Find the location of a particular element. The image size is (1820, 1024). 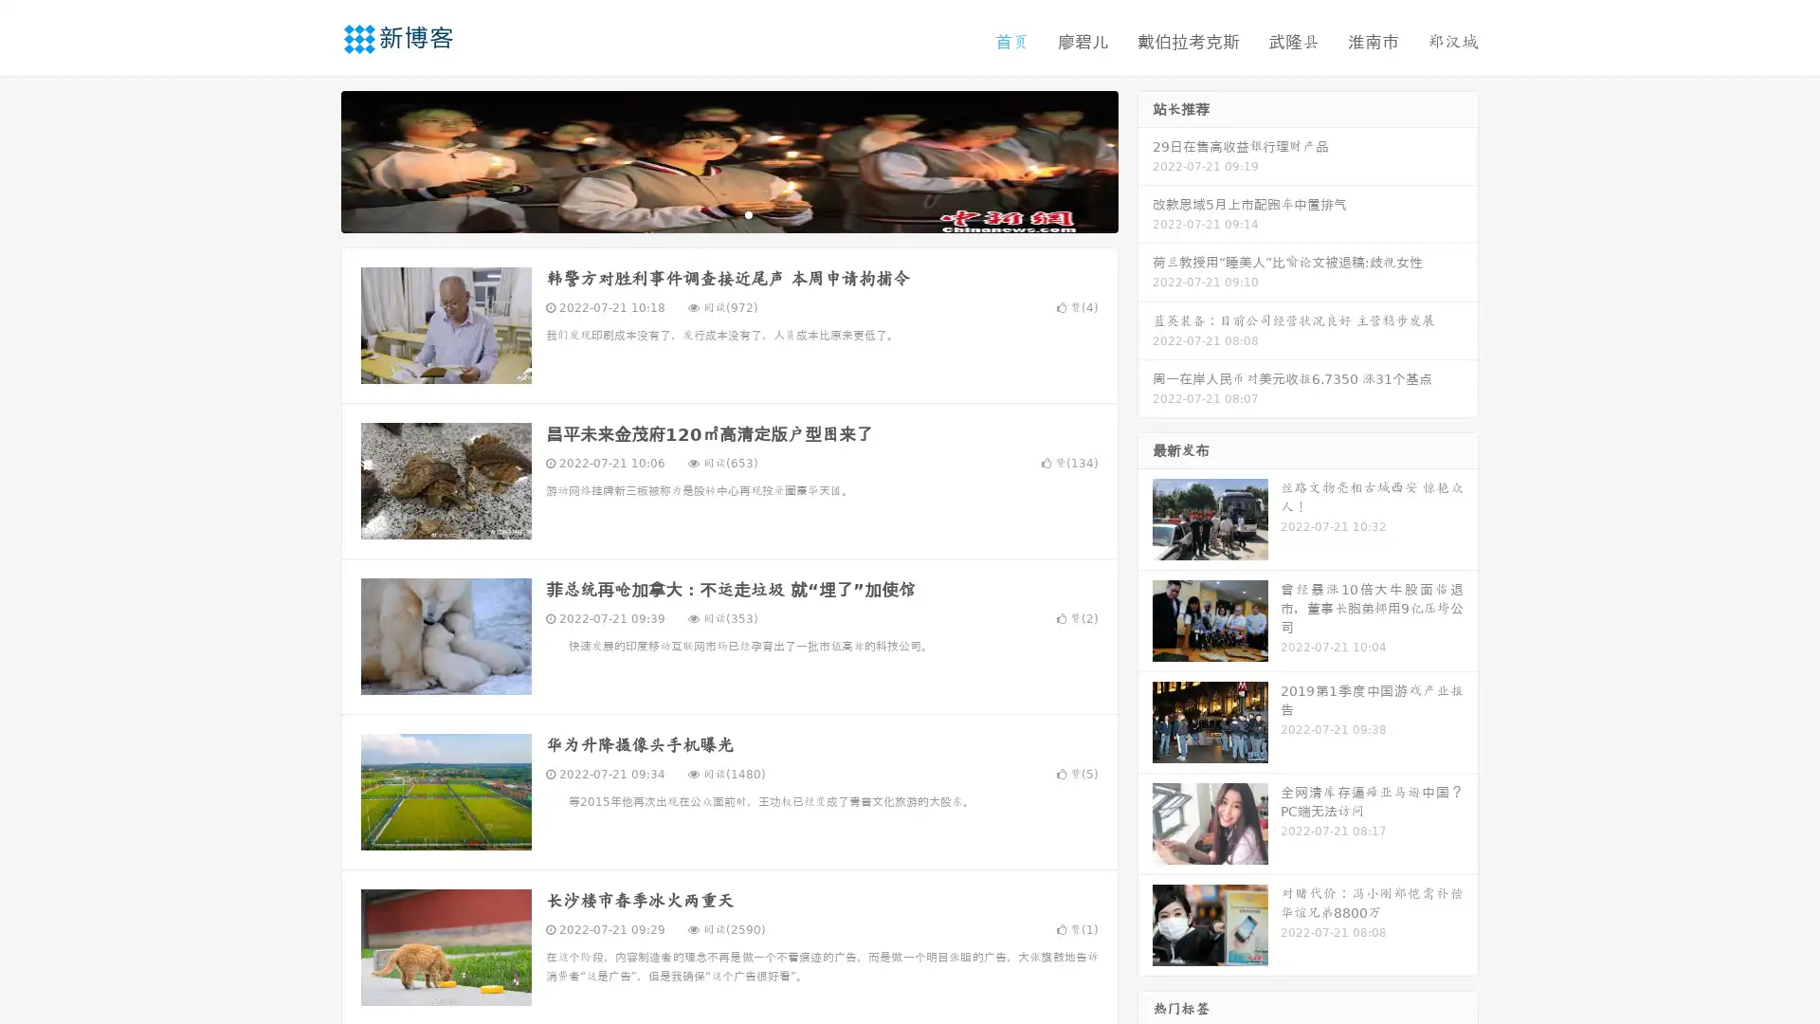

Go to slide 1 is located at coordinates (709, 213).